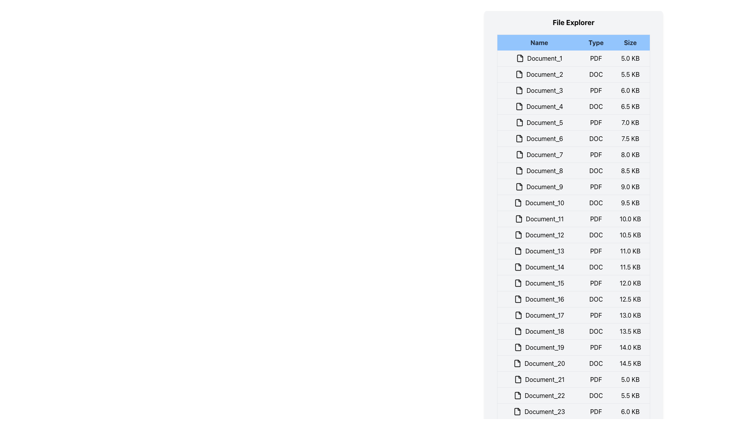 The height and width of the screenshot is (423, 752). Describe the element at coordinates (595, 219) in the screenshot. I see `the non-interactive text label indicating the file format of 'Document_11' located in the 'Type' column of the table` at that location.